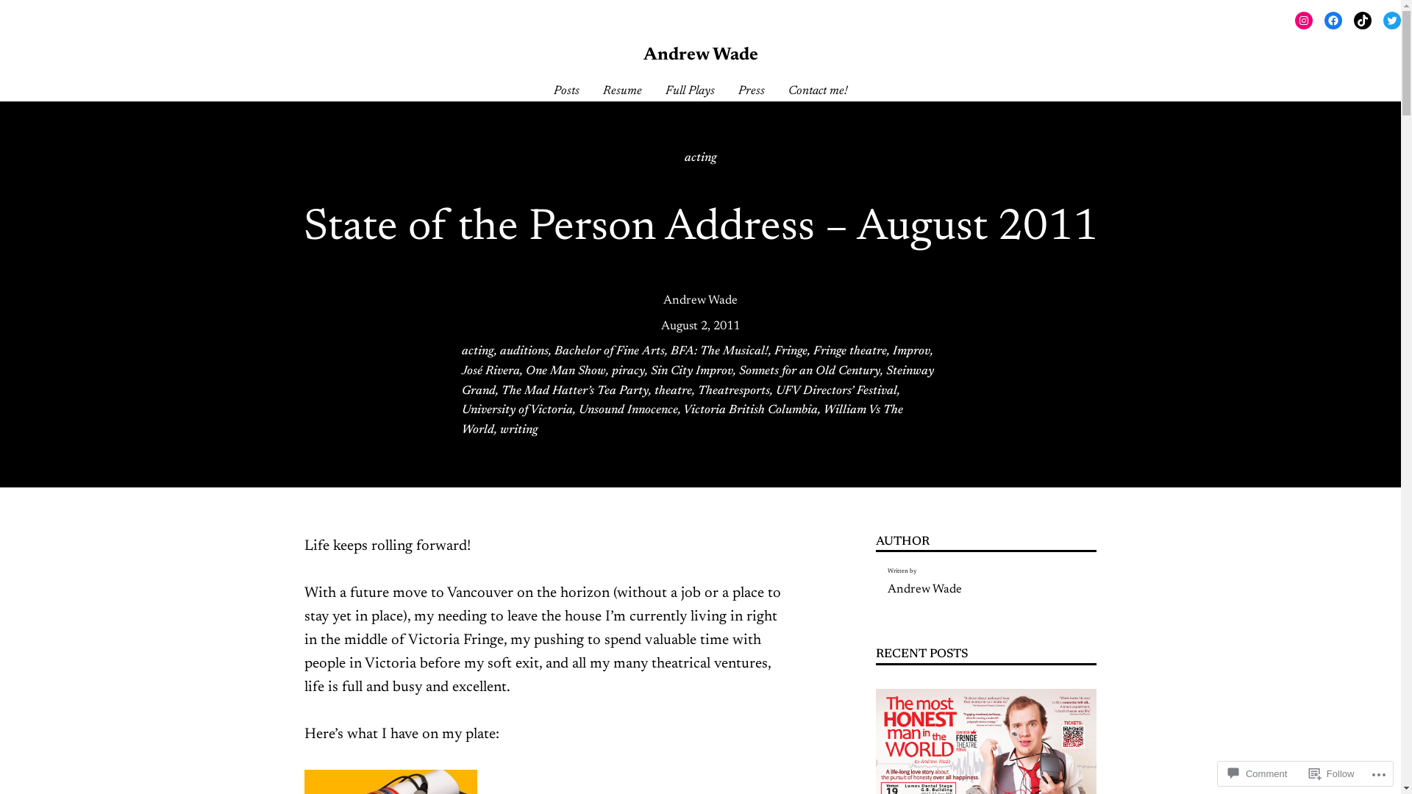 The height and width of the screenshot is (794, 1412). I want to click on 'William Vs The World', so click(461, 420).